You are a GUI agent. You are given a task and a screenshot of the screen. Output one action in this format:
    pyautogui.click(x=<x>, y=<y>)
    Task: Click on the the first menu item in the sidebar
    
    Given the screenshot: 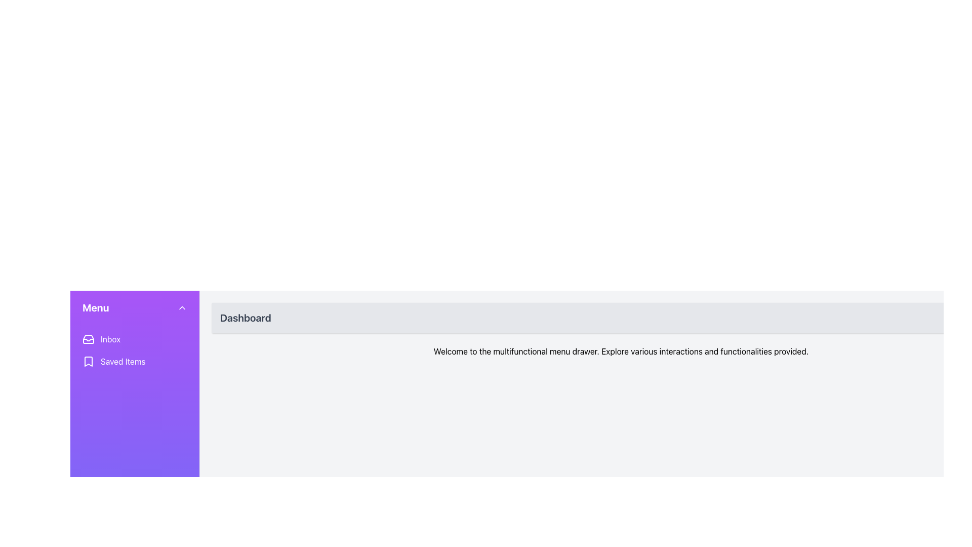 What is the action you would take?
    pyautogui.click(x=134, y=339)
    